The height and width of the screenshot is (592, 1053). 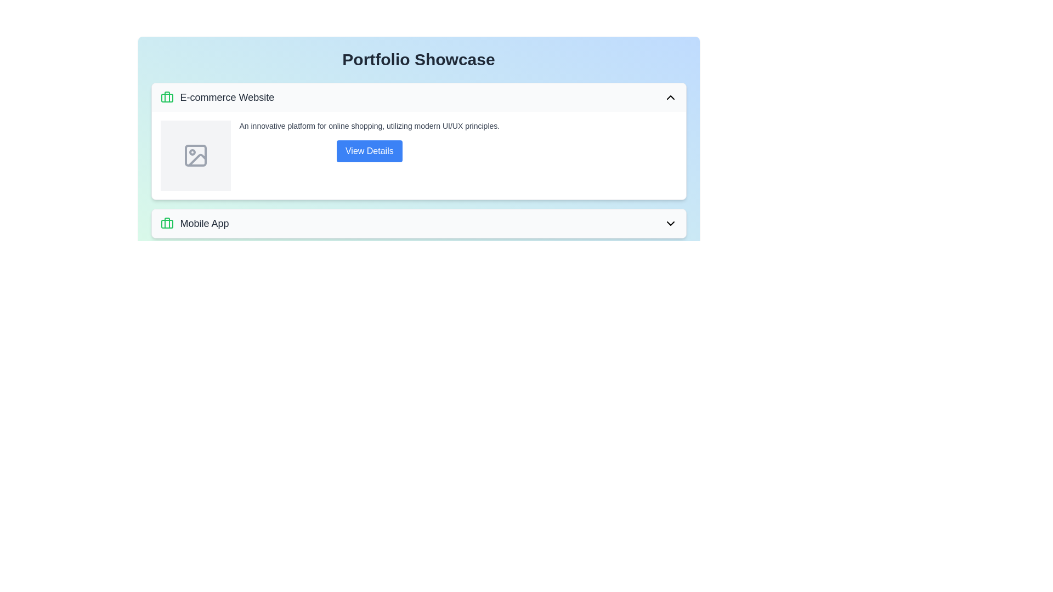 I want to click on the text label that serves as the title for the portfolio showcase entry labeled 'E-commerce Website', which is positioned to the right of a green briefcase icon, so click(x=227, y=96).